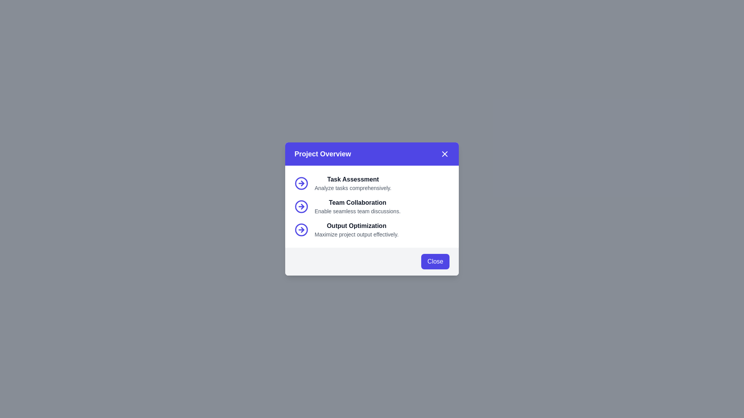 Image resolution: width=744 pixels, height=418 pixels. Describe the element at coordinates (301, 183) in the screenshot. I see `the circular icon marking the beginning of the 'Task Assessment' row in the 'Project Overview' dialog box` at that location.